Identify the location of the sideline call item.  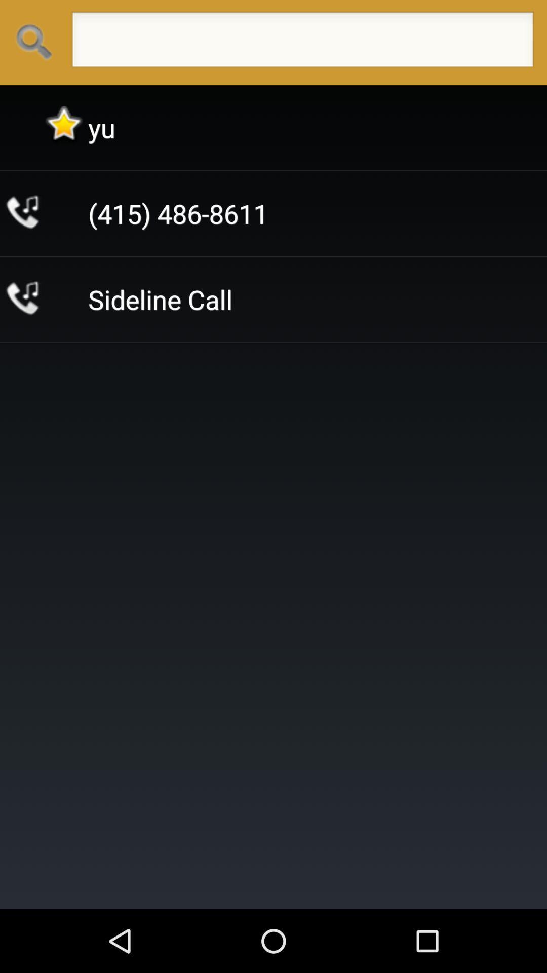
(160, 298).